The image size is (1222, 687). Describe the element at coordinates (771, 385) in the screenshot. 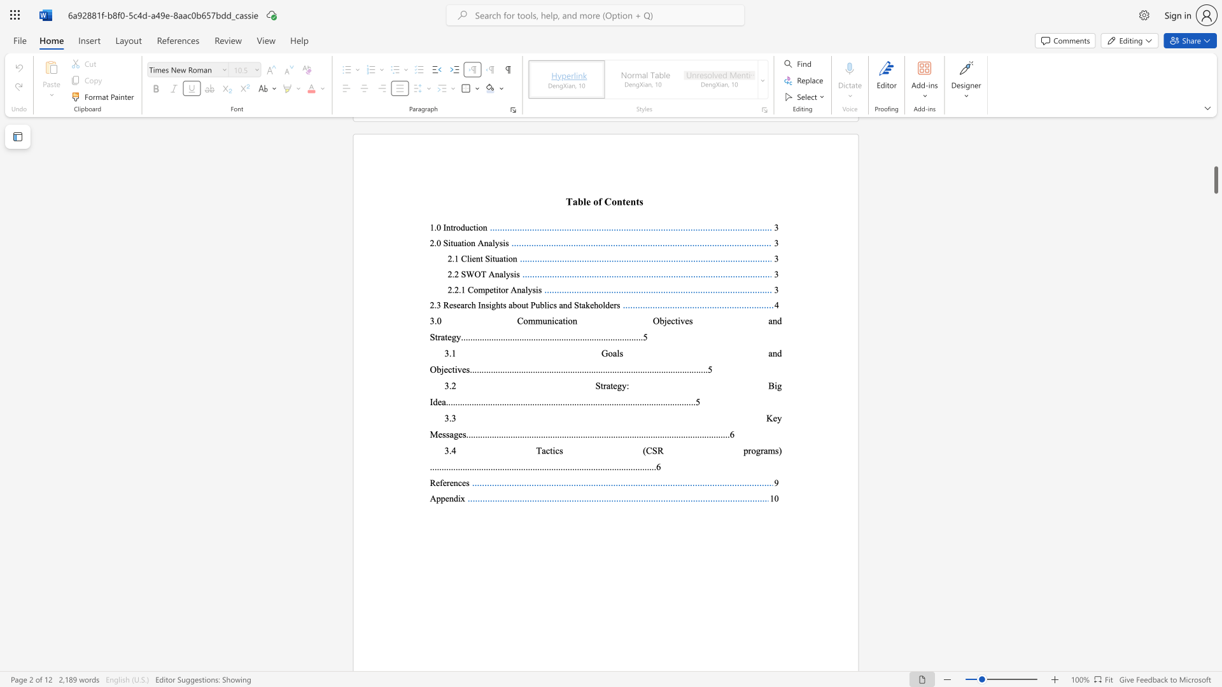

I see `the 1th character "B" in the text` at that location.